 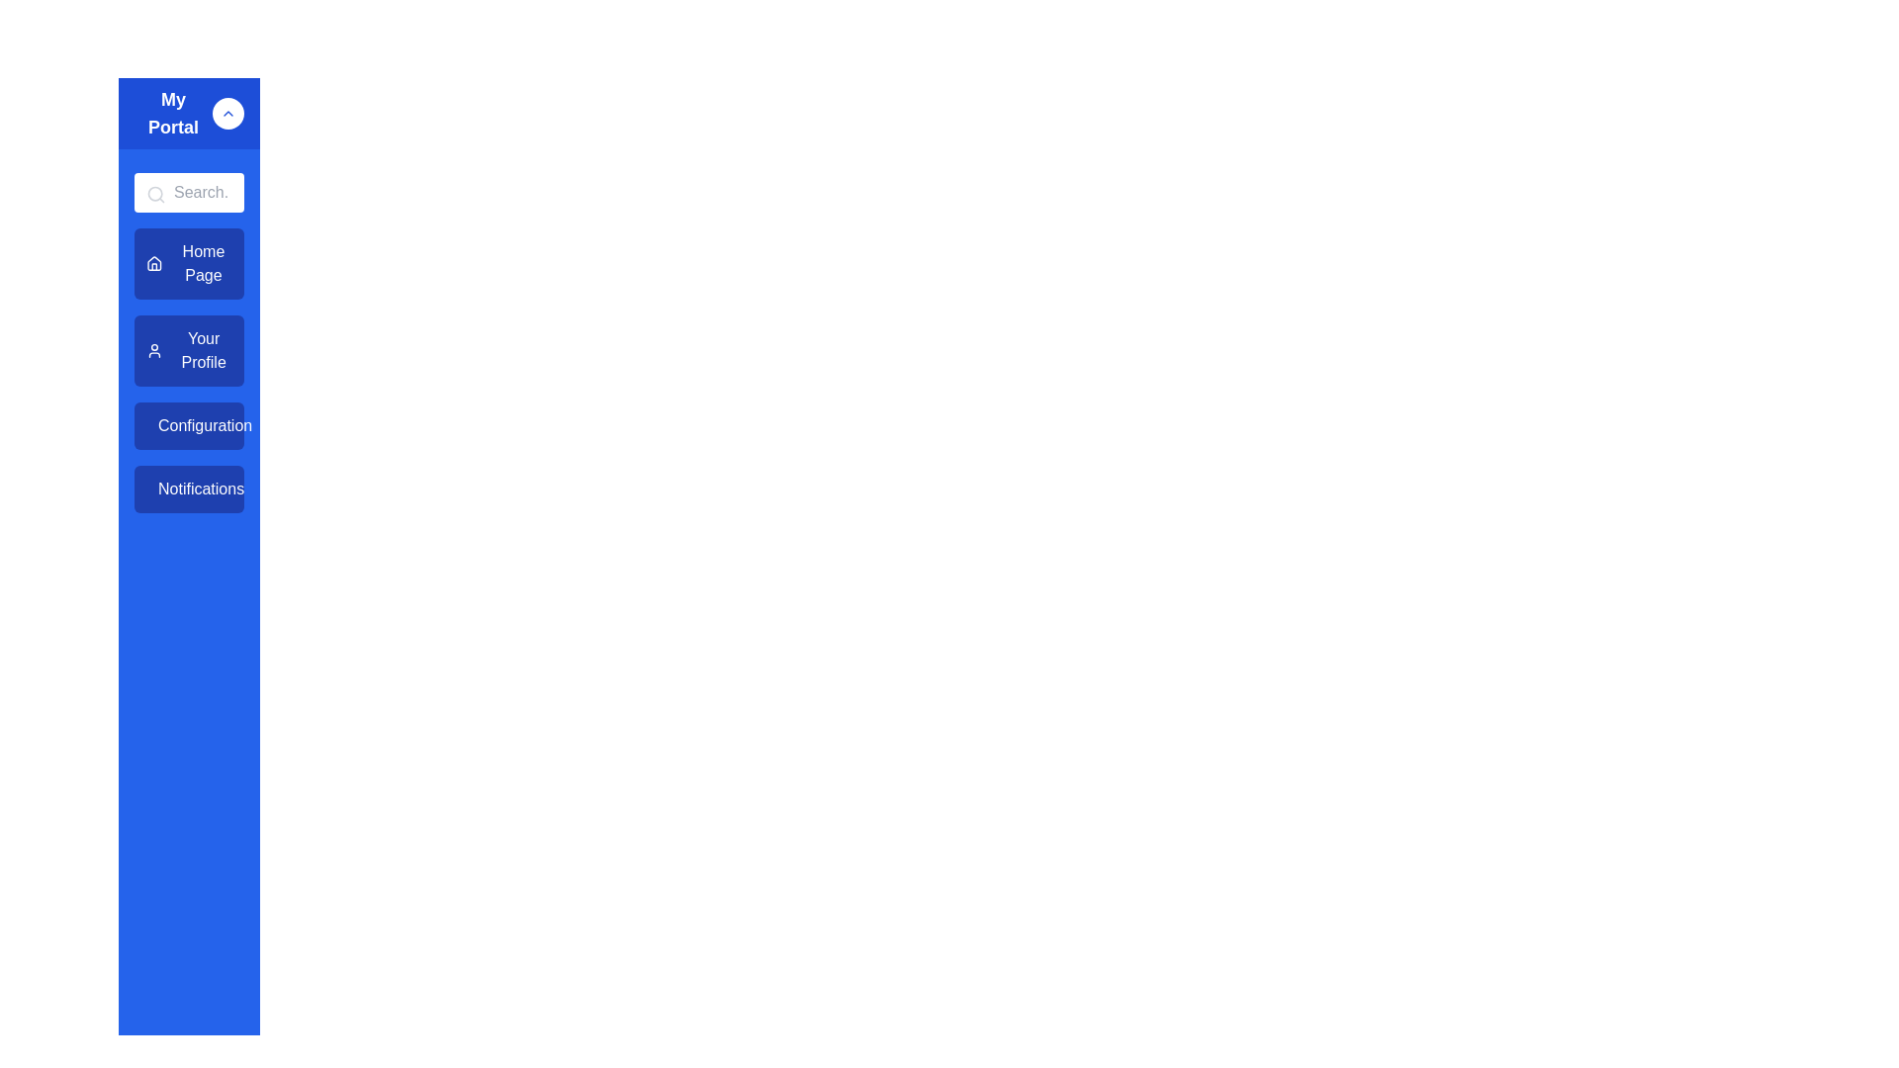 I want to click on the 'Your Profile' sidebar navigation menu item, so click(x=189, y=370).